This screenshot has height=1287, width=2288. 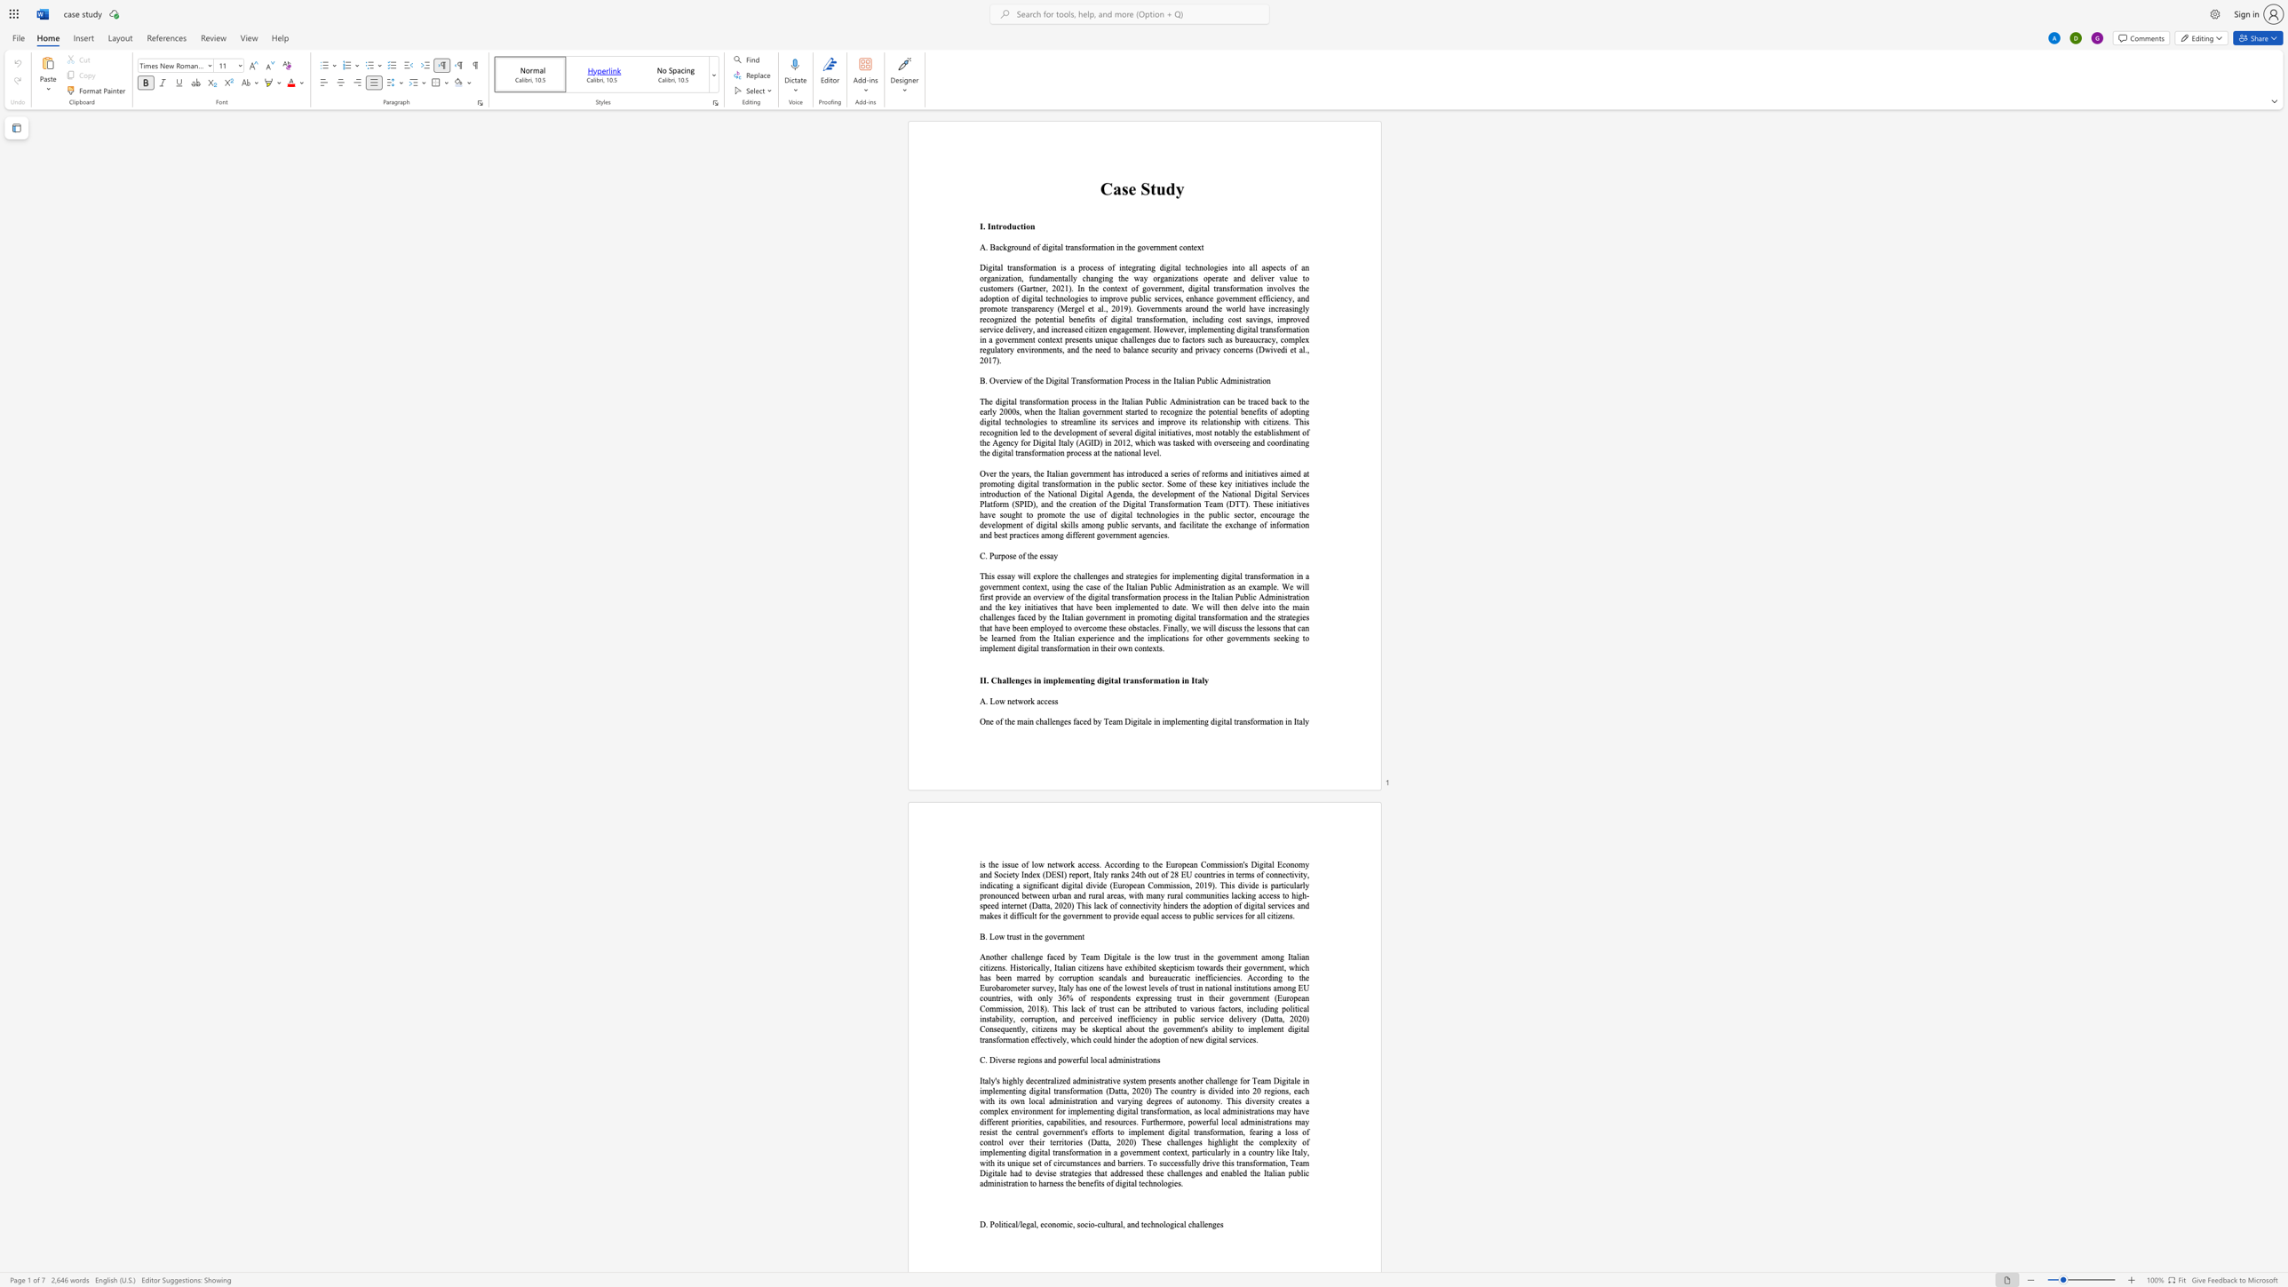 What do you see at coordinates (1227, 875) in the screenshot?
I see `the 10th character "i" in the text` at bounding box center [1227, 875].